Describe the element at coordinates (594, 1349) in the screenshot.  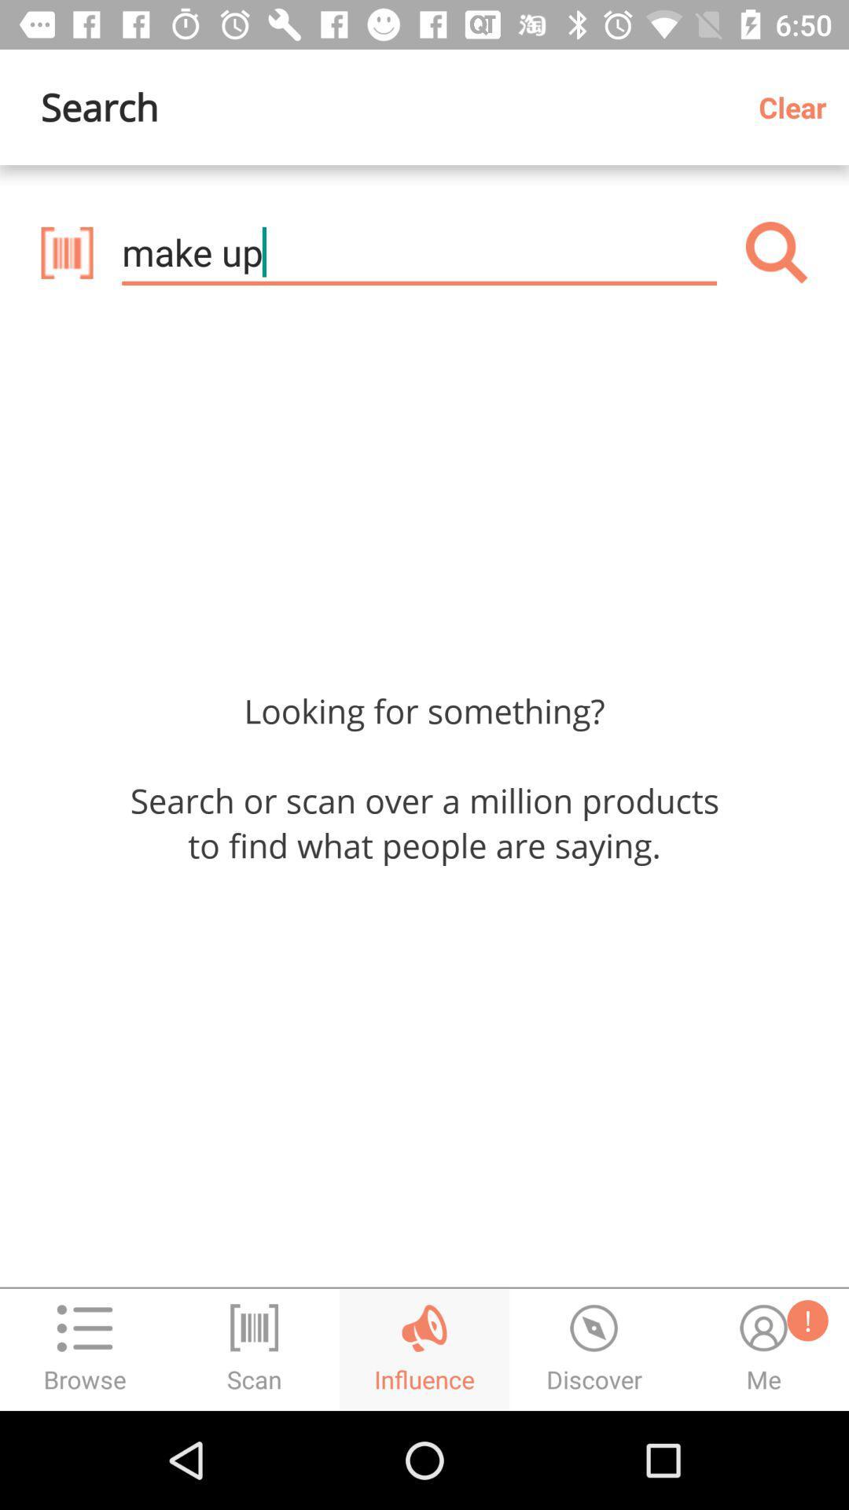
I see `the time icon` at that location.